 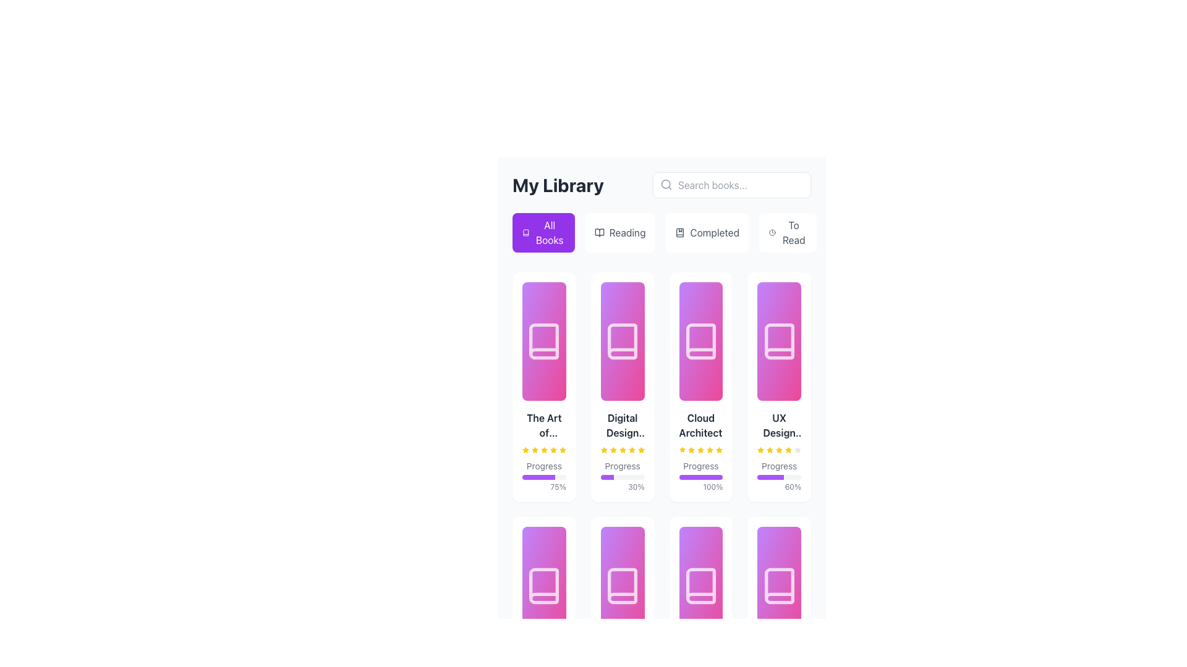 I want to click on the progress bar that visually represents a task's completion percentage, located beneath the 'Progress' label and above the '75%' text, so click(x=544, y=476).